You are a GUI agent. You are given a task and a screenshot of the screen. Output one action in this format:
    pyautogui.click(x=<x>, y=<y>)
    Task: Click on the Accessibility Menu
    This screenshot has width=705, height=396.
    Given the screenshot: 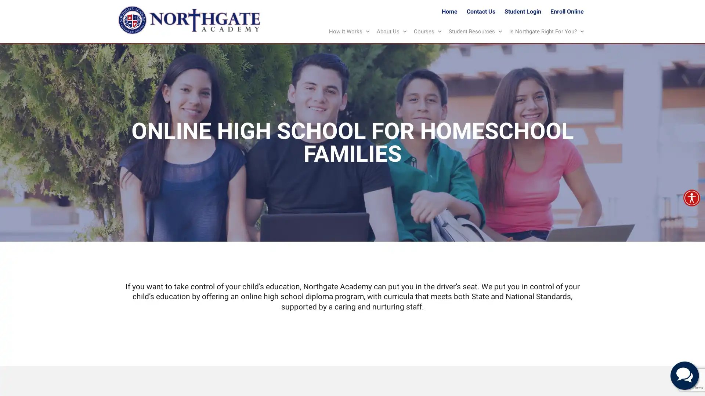 What is the action you would take?
    pyautogui.click(x=691, y=198)
    